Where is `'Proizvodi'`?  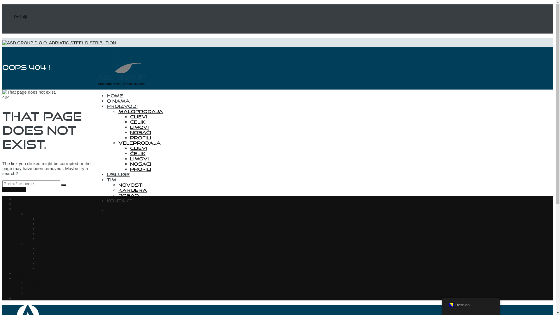 'Proizvodi' is located at coordinates (106, 106).